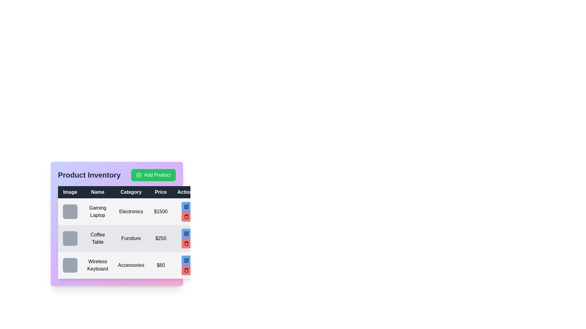  Describe the element at coordinates (186, 192) in the screenshot. I see `the 'Actions' label, which is styled with a dark background and light-colored text, located in the header row of a table alongside headers like 'Image', 'Name', 'Category', and 'Price'` at that location.